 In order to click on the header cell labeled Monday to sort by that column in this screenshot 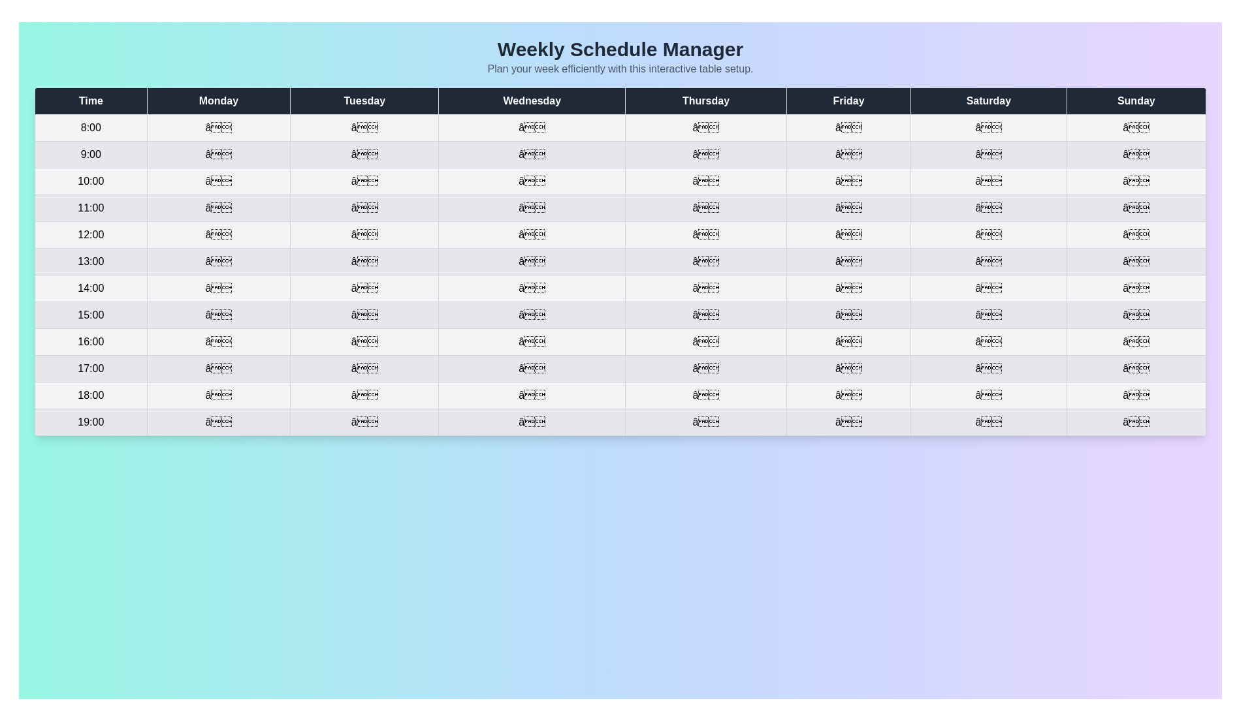, I will do `click(219, 100)`.